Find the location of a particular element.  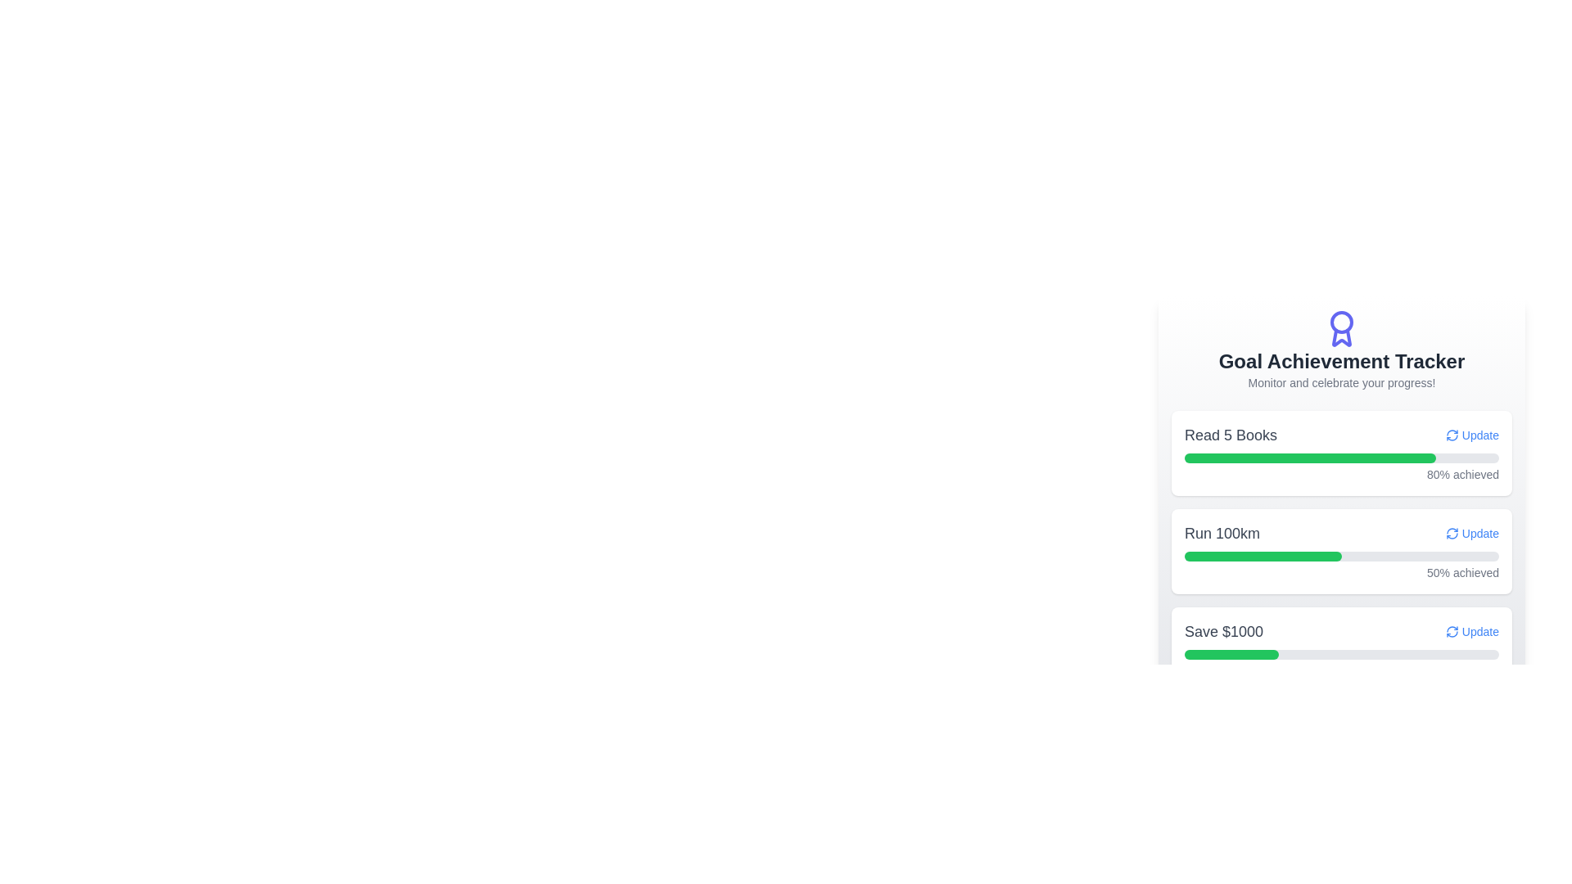

the green progress bar segment that represents the filled portion of the 'Save $1000' goal in the 'Goal Achievement Tracker' interface is located at coordinates (1231, 653).